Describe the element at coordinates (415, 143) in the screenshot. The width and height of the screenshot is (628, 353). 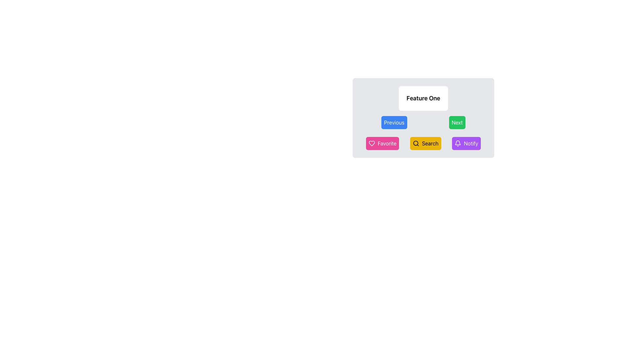
I see `the decorative circular lens of the search magnifying glass icon located below the 'Feature One' text heading` at that location.